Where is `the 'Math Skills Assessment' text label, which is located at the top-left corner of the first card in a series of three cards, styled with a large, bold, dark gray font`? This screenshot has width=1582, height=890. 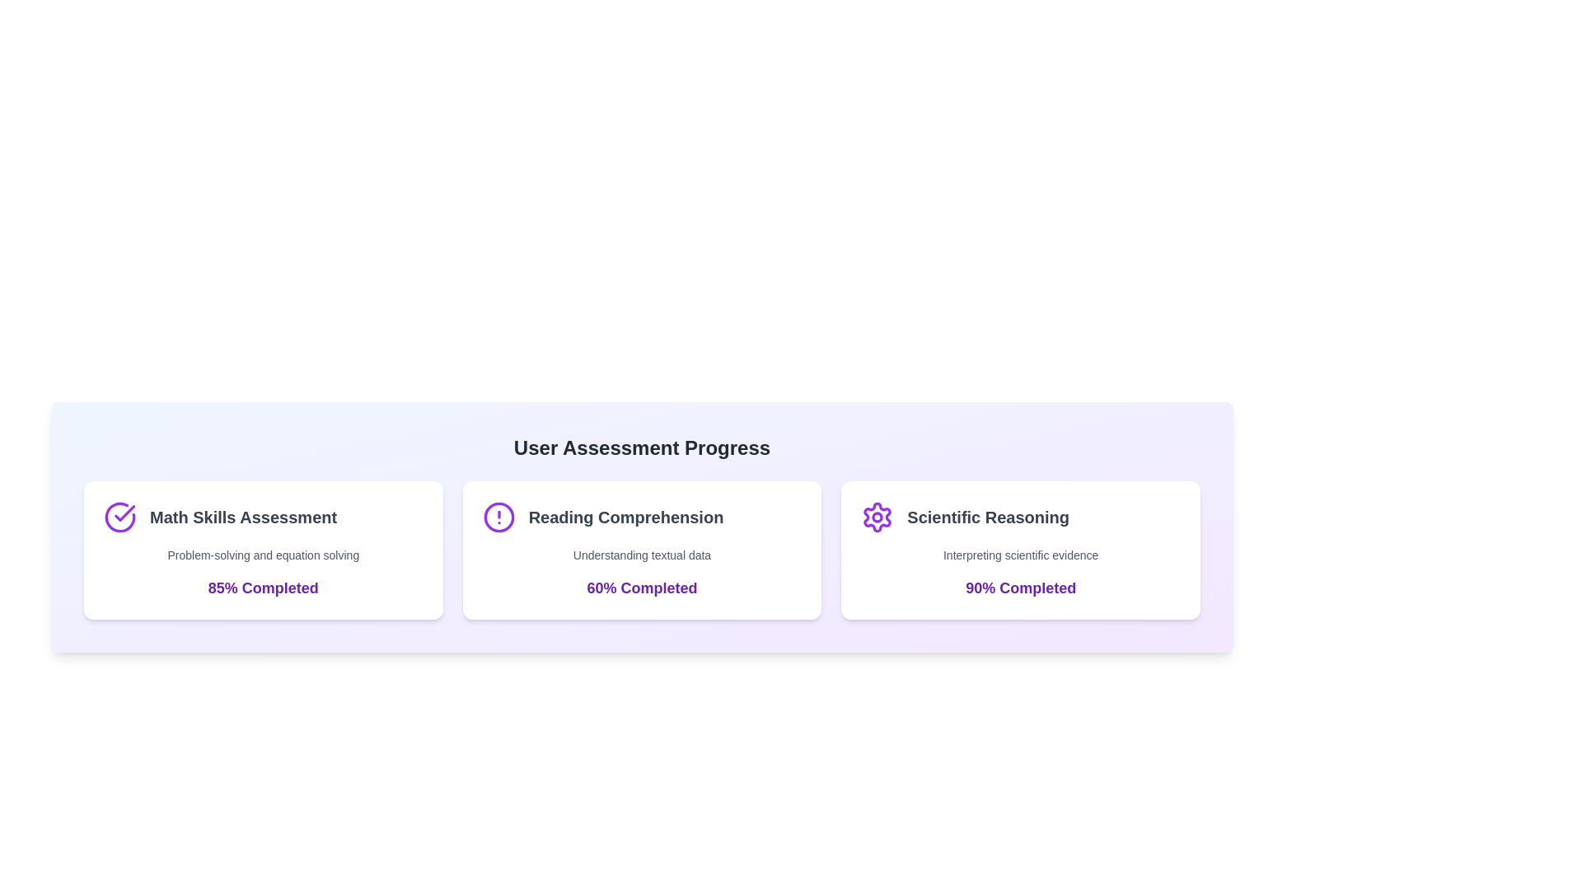
the 'Math Skills Assessment' text label, which is located at the top-left corner of the first card in a series of three cards, styled with a large, bold, dark gray font is located at coordinates (242, 517).